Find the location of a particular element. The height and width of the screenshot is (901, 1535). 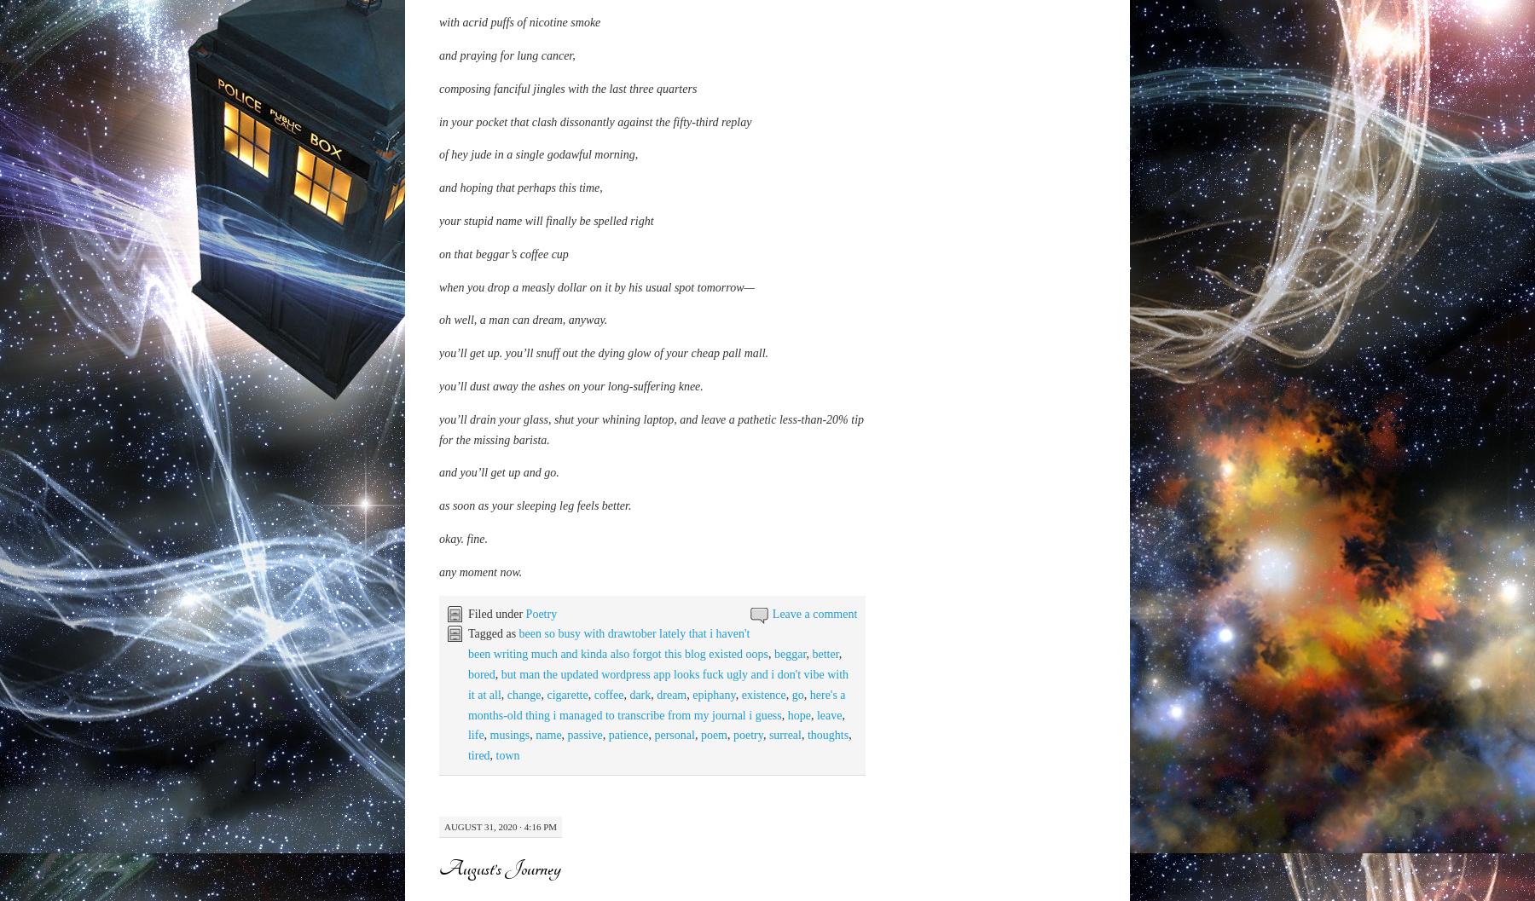

'poem' is located at coordinates (714, 889).